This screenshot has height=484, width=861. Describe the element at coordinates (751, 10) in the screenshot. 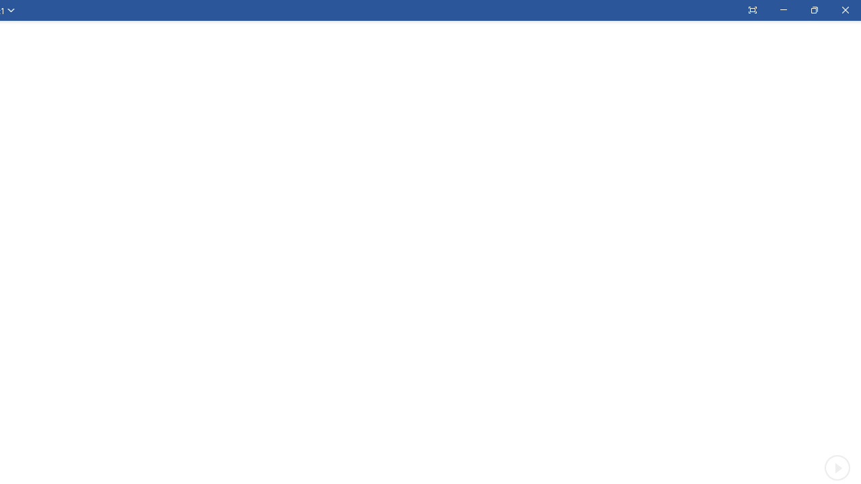

I see `'Auto-hide Reading Toolbar'` at that location.